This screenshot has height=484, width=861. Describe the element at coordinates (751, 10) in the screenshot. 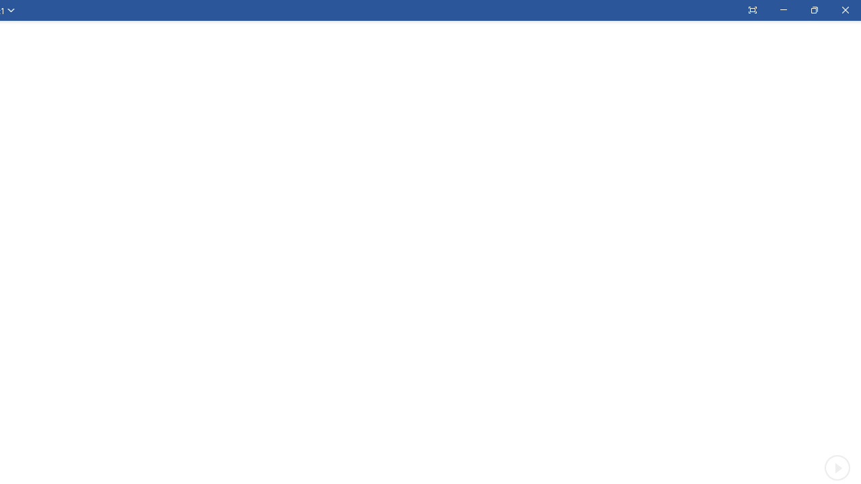

I see `'Auto-hide Reading Toolbar'` at that location.